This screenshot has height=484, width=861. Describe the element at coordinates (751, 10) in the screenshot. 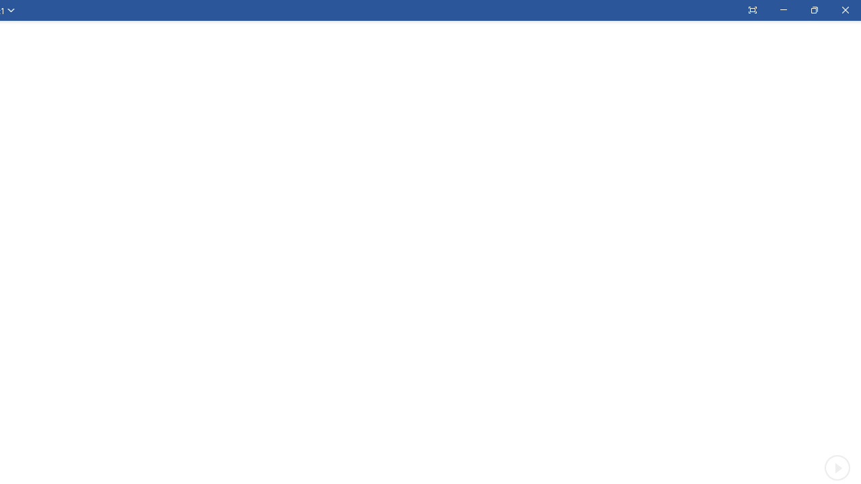

I see `'Auto-hide Reading Toolbar'` at that location.